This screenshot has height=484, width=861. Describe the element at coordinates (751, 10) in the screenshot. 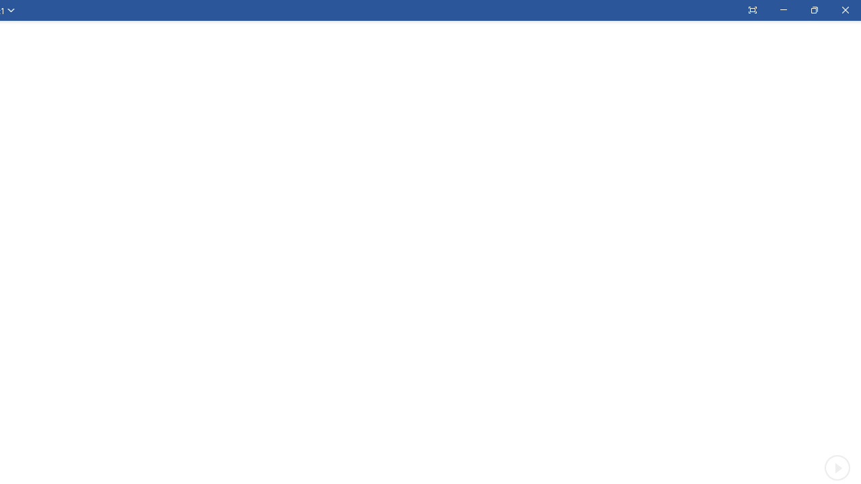

I see `'Auto-hide Reading Toolbar'` at that location.